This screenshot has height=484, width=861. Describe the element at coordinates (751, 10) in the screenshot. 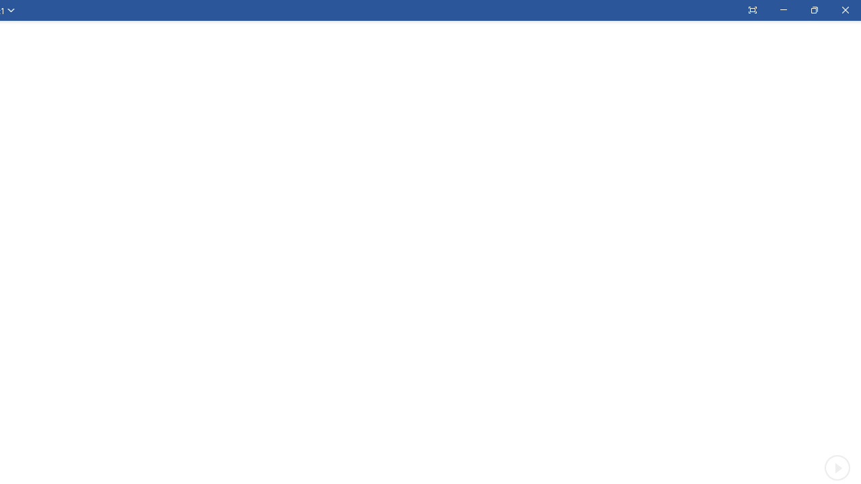

I see `'Auto-hide Reading Toolbar'` at that location.